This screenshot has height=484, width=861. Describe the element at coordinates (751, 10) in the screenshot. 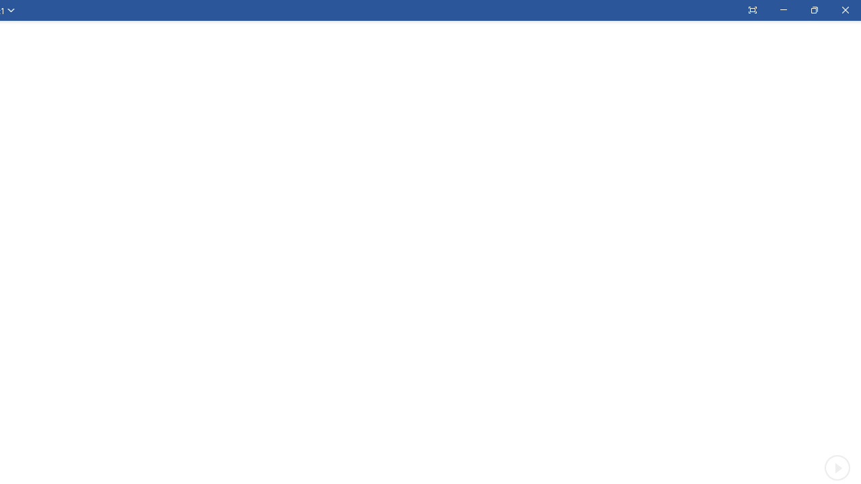

I see `'Auto-hide Reading Toolbar'` at that location.